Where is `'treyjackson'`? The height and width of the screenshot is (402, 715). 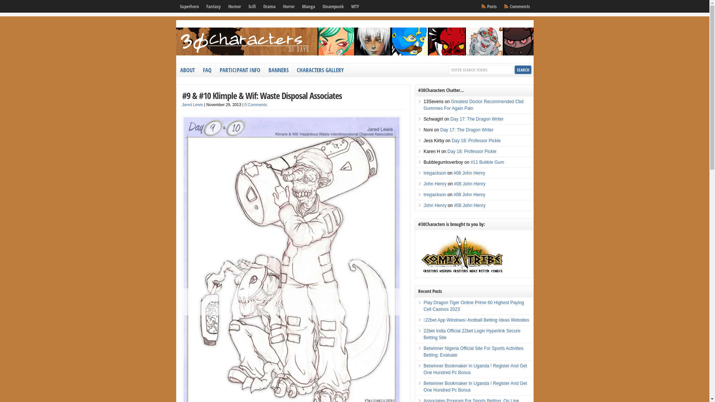 'treyjackson' is located at coordinates (435, 194).